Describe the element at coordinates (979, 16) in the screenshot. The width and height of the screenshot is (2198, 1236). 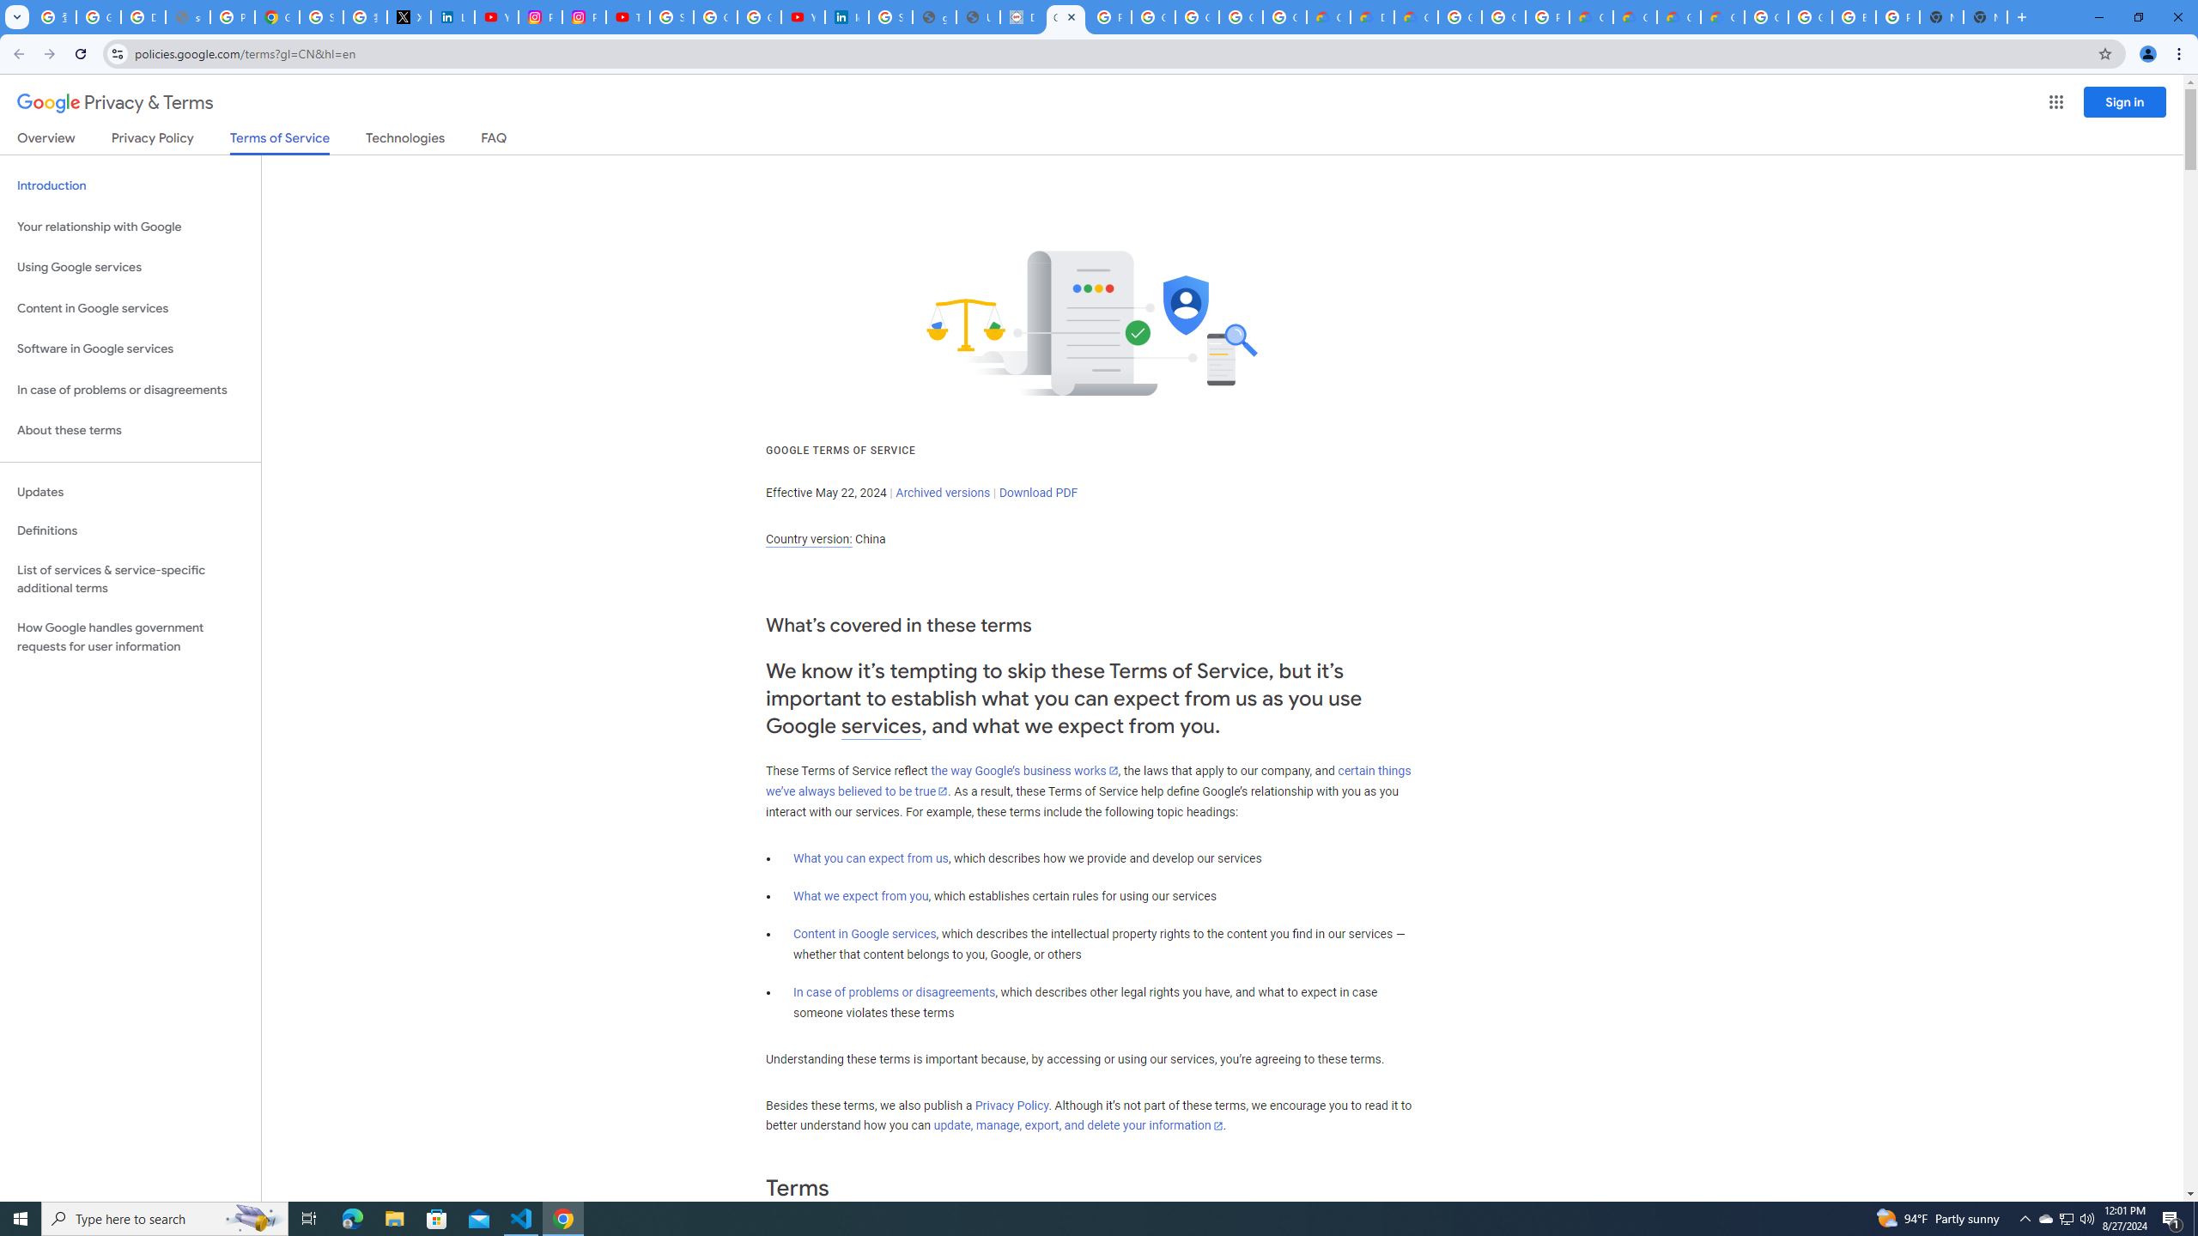
I see `'User Details'` at that location.